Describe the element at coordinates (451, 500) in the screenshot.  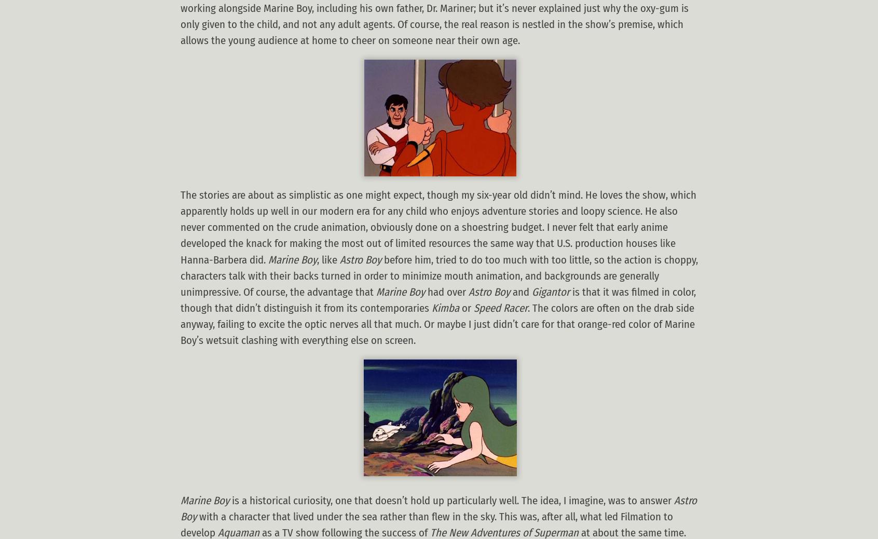
I see `'is a historical curiosity, one that doesn’t hold up particularly well. The idea, I imagine, was to answer'` at that location.